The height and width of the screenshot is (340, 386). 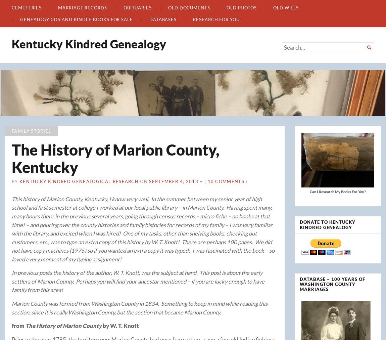 What do you see at coordinates (76, 18) in the screenshot?
I see `'Genealogy CDs and Kindle Books For Sale'` at bounding box center [76, 18].